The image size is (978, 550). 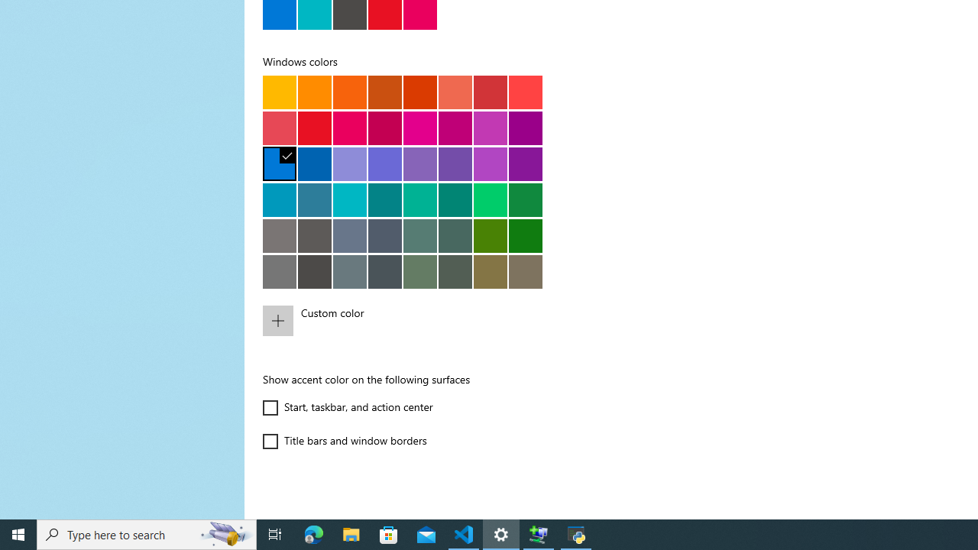 What do you see at coordinates (490, 199) in the screenshot?
I see `'Turf green'` at bounding box center [490, 199].